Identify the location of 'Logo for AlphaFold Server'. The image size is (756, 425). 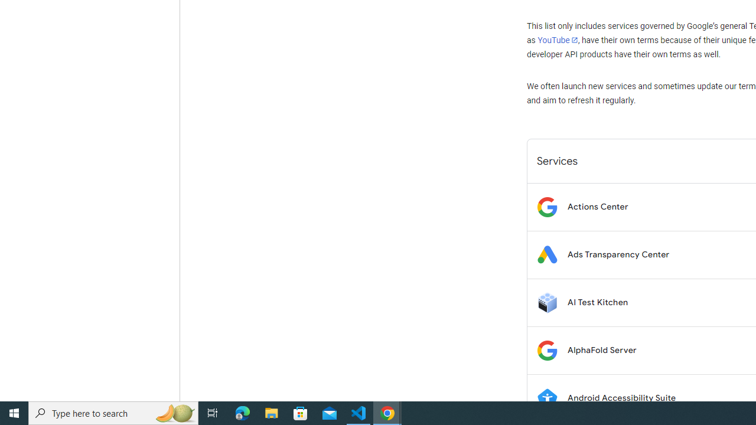
(546, 349).